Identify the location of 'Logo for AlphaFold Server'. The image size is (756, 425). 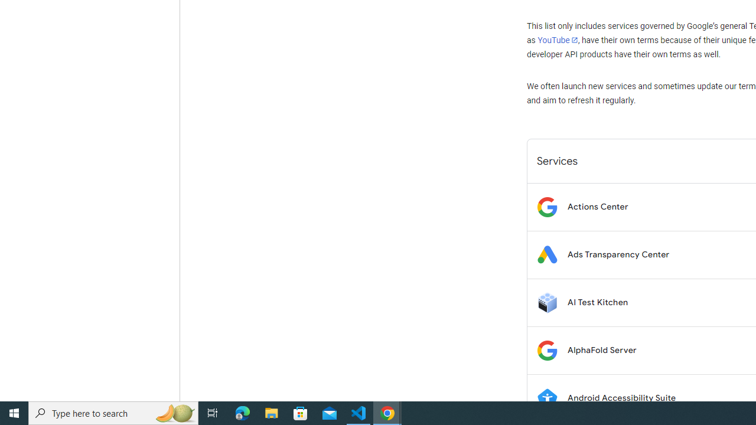
(546, 349).